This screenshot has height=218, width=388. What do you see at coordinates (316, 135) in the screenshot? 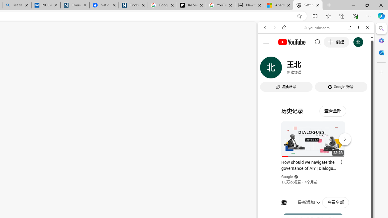
I see `'#you'` at bounding box center [316, 135].